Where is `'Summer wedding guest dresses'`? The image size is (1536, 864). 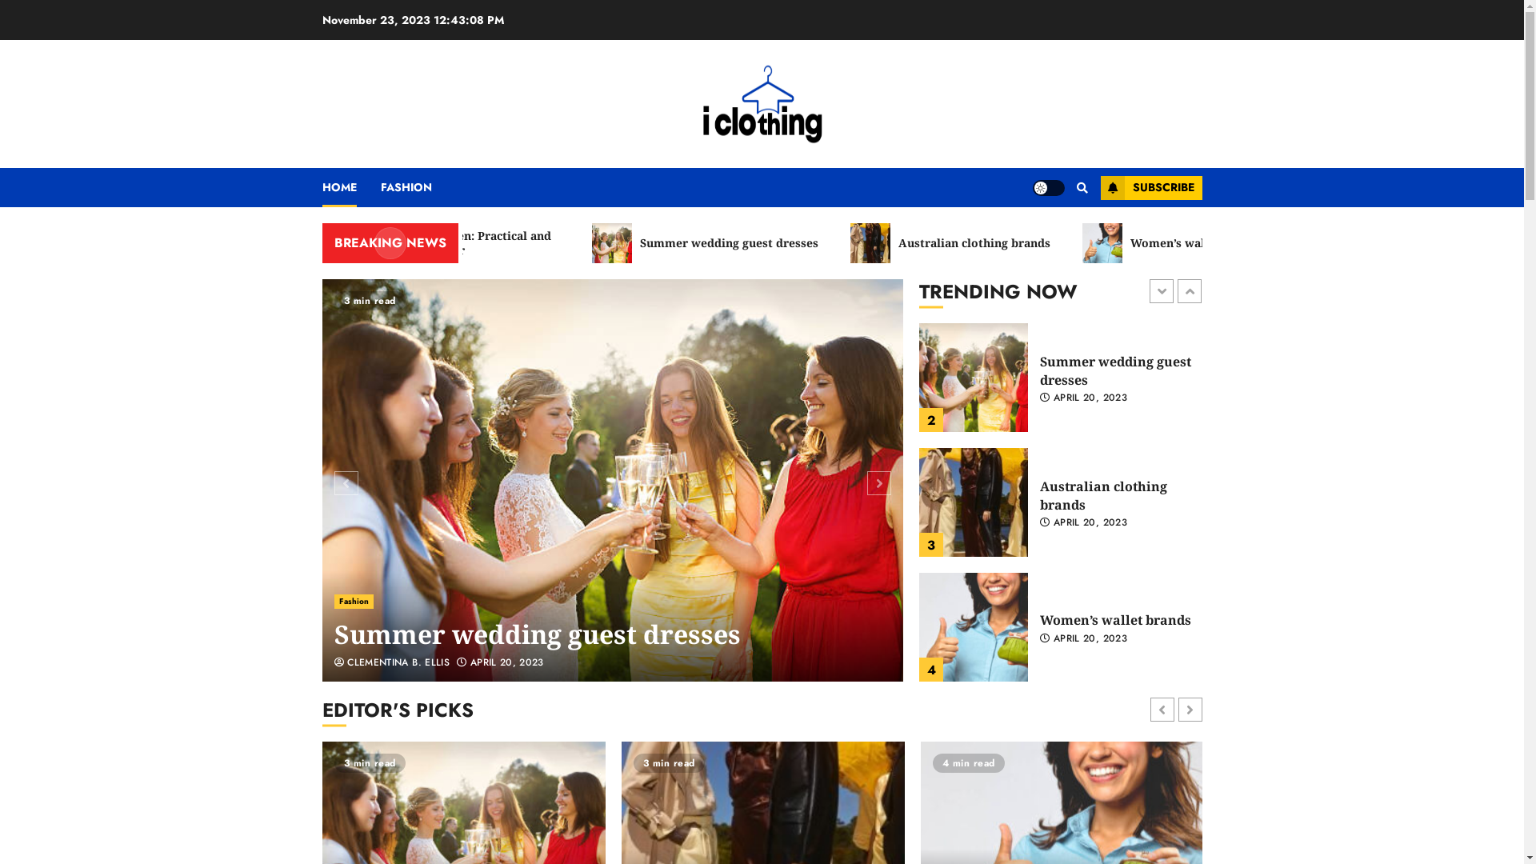 'Summer wedding guest dresses' is located at coordinates (768, 243).